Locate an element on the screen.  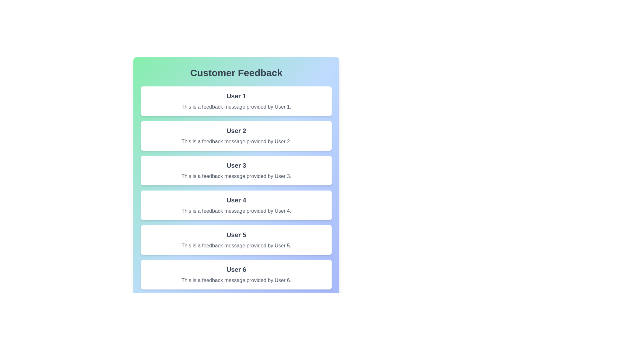
feedback message text labeled as 'This is a feedback message provided by User 2.' which is styled in gray and appears below the header 'User 2' in the second feedback card is located at coordinates (236, 141).